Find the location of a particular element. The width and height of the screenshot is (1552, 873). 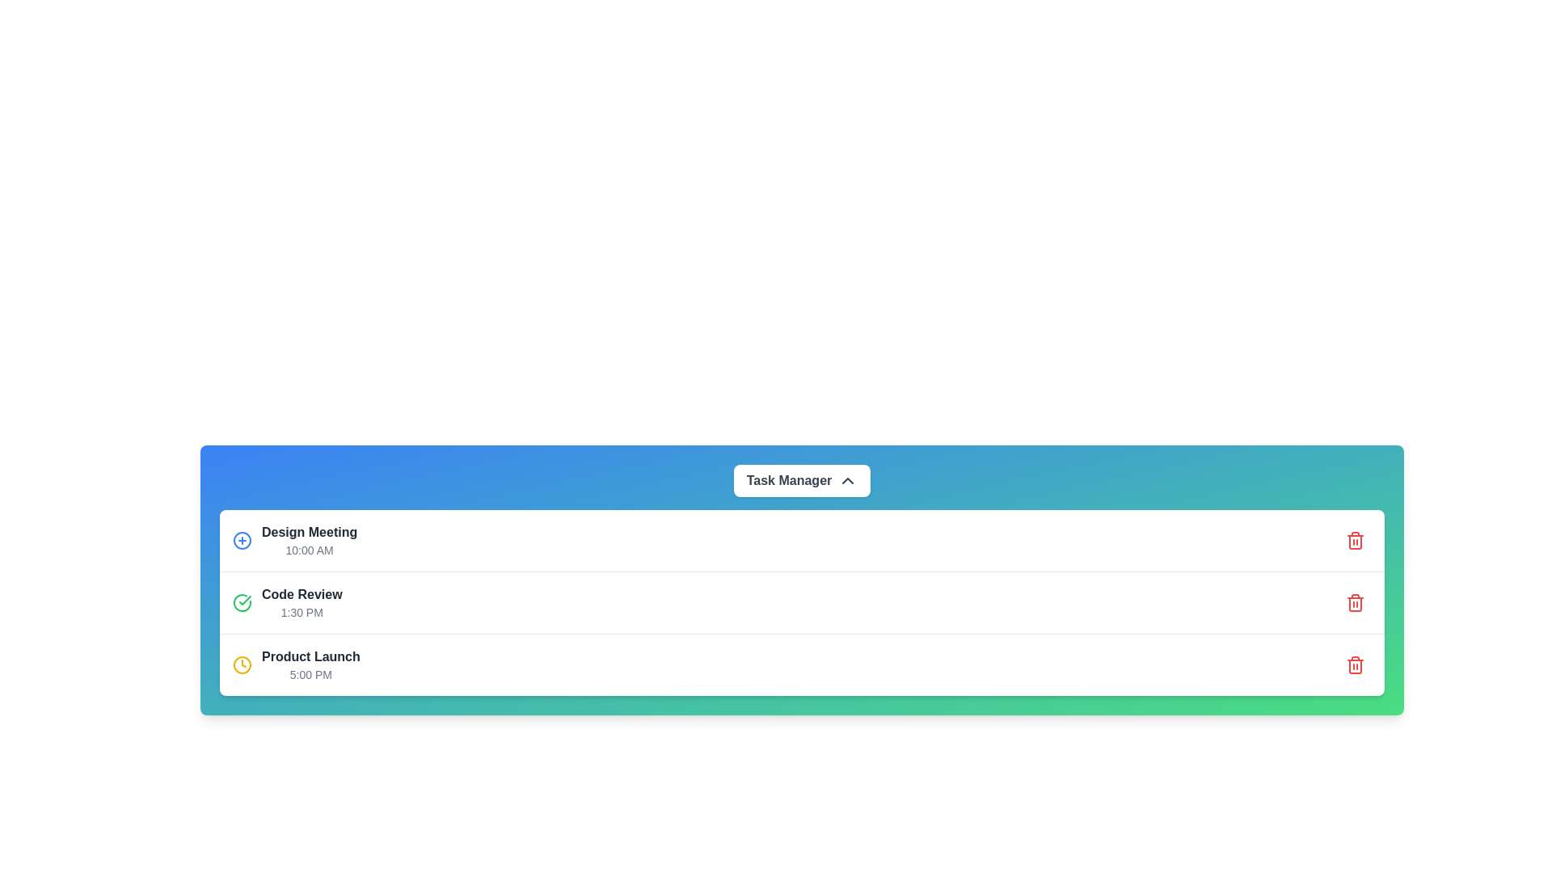

the text display component that shows the name and scheduled time of the task 'Design Meeting' in the task management interface, located in the first row of the task list is located at coordinates (310, 540).